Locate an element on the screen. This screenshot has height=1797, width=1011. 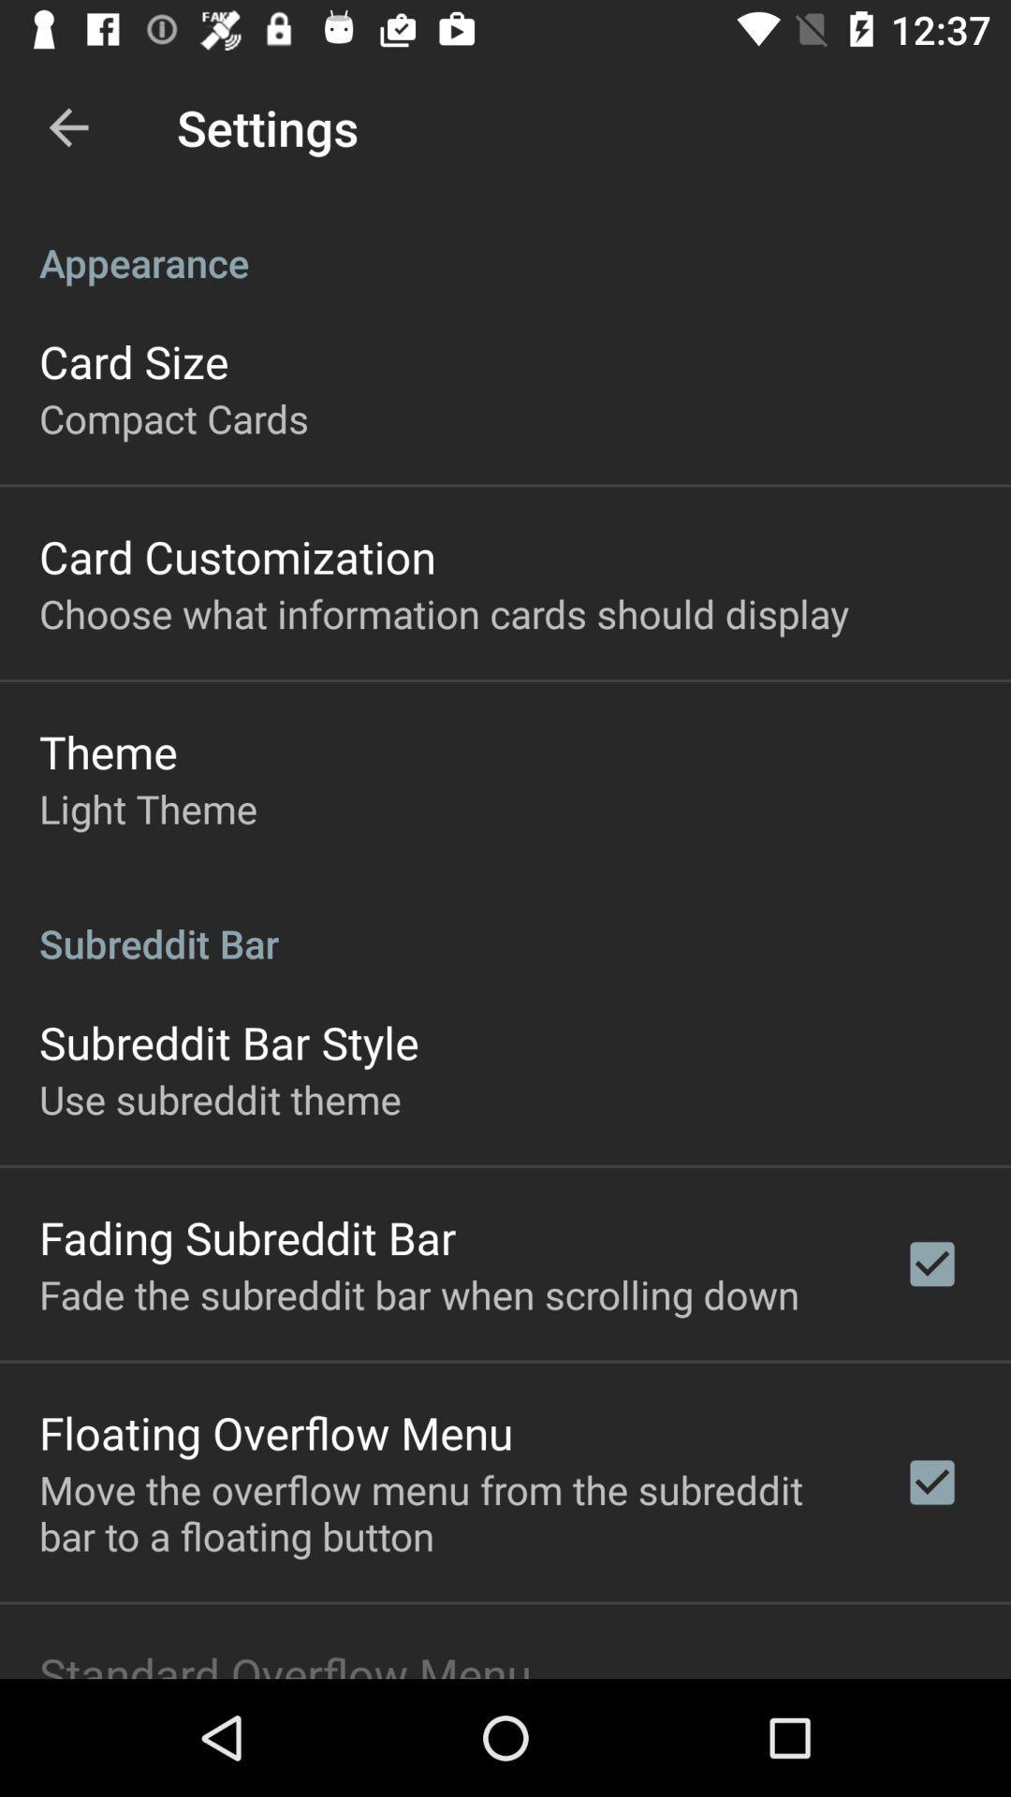
the card size is located at coordinates (133, 361).